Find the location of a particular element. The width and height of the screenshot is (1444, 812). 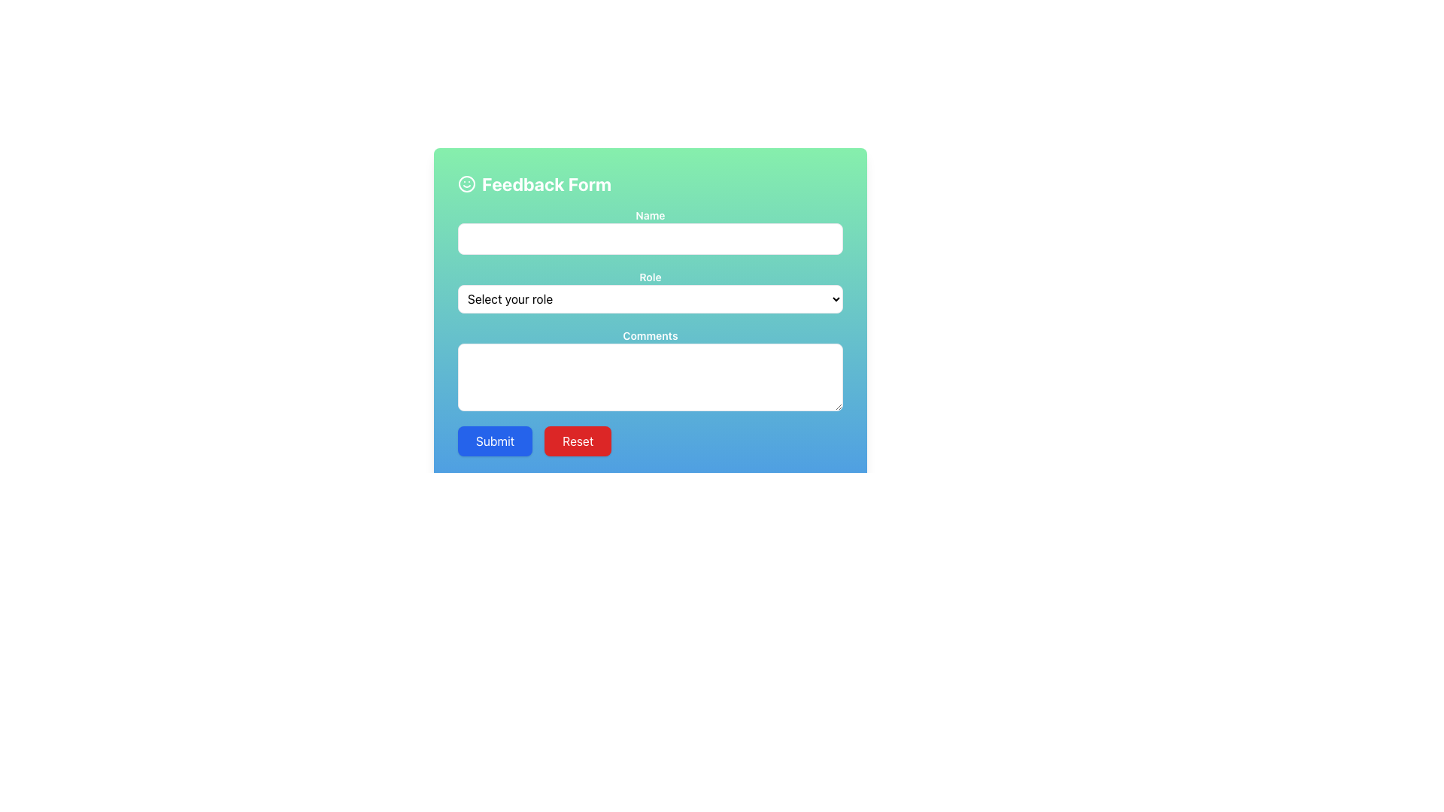

the centrally aligned Text Label that serves as a guide for the text input field below it is located at coordinates (650, 215).